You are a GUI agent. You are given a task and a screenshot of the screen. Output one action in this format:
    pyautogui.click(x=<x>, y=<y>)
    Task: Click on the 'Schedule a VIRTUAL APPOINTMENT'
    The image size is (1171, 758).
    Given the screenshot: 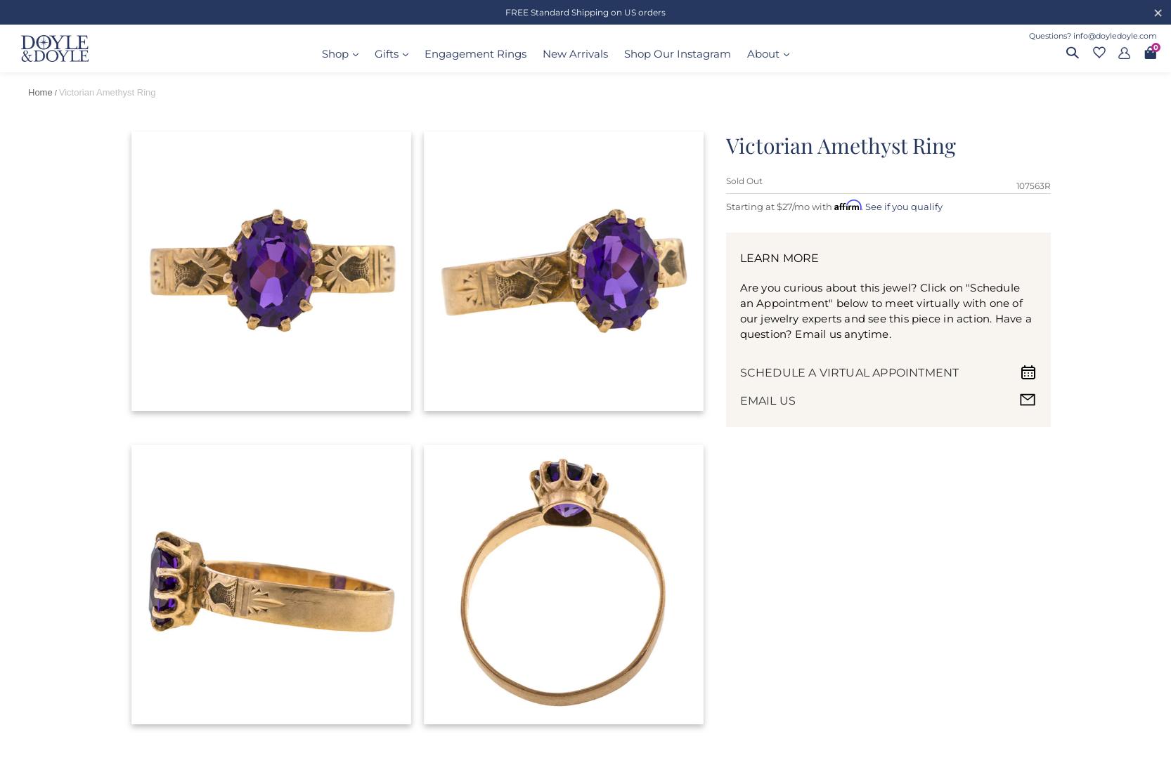 What is the action you would take?
    pyautogui.click(x=849, y=372)
    